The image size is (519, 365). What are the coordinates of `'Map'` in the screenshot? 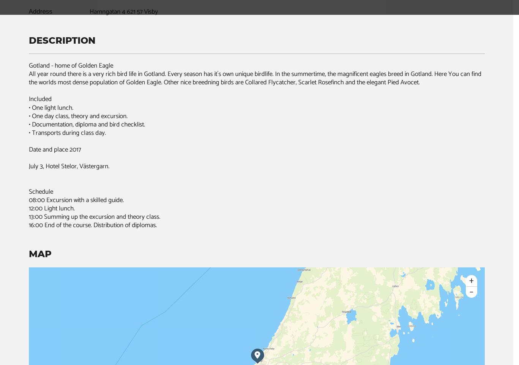 It's located at (40, 253).